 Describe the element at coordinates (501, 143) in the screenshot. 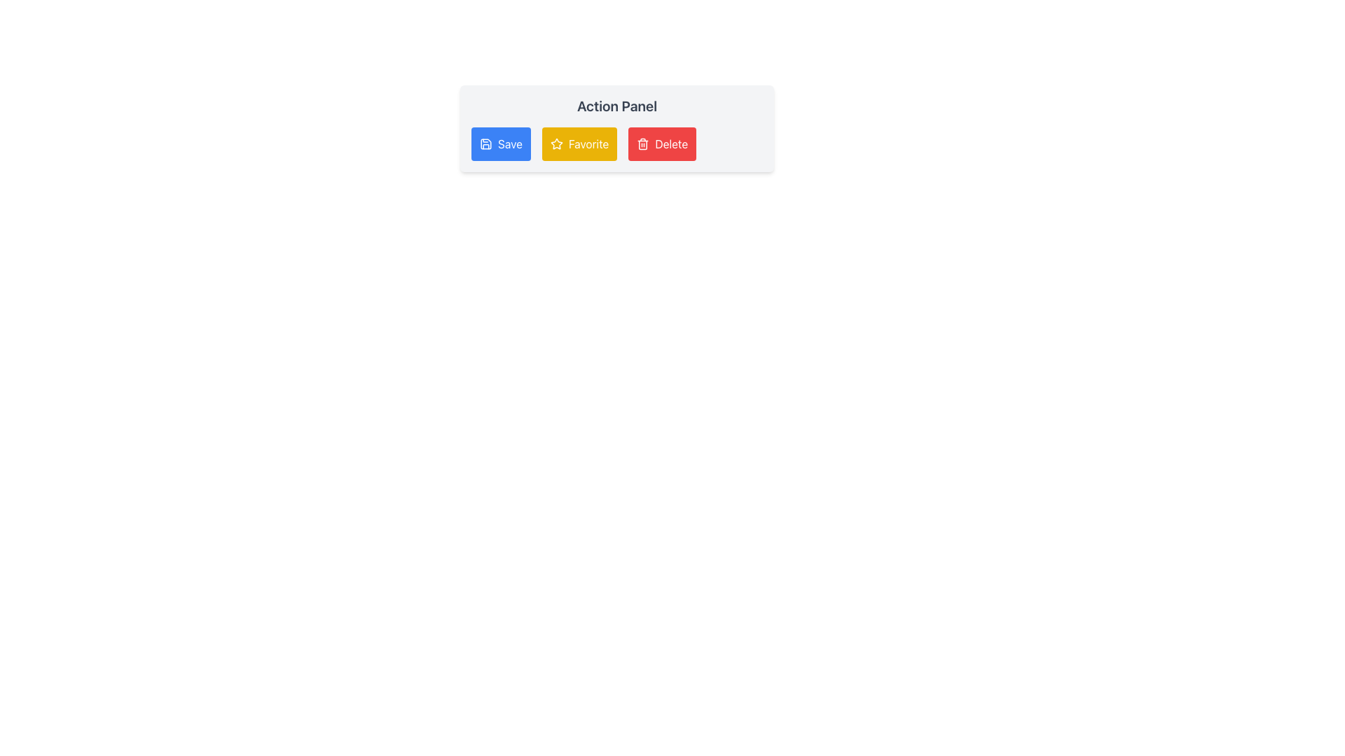

I see `the 'Save' button, which is rectangular with a blue background and white text, located within a white panel on the leftmost side of three horizontally aligned buttons` at that location.